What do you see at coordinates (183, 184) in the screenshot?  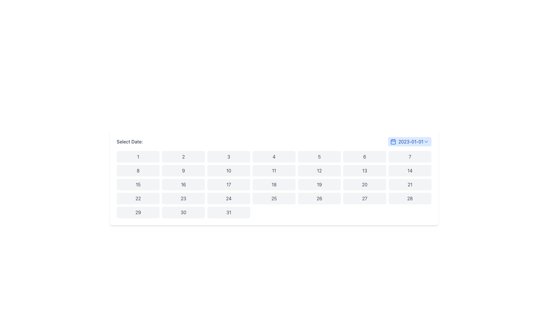 I see `the button that allows the user to select the number '16', located in the third row and second column of the grid layout` at bounding box center [183, 184].